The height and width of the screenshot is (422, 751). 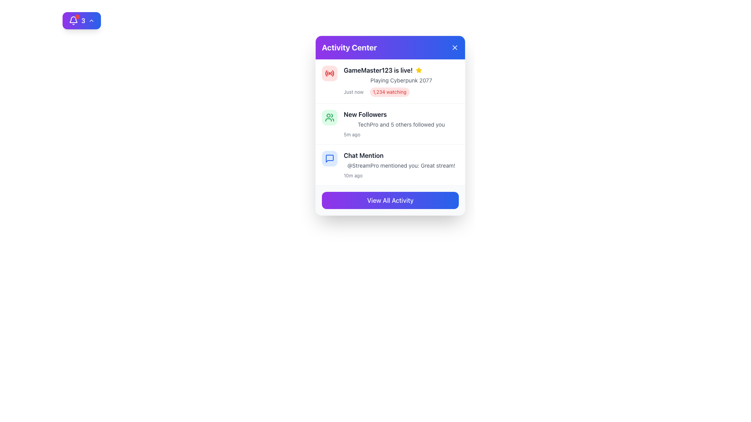 What do you see at coordinates (330, 158) in the screenshot?
I see `the speech bubble icon with a blue outline and light blue background, located to the left of the text block in the 'Chat Mention' notification row` at bounding box center [330, 158].